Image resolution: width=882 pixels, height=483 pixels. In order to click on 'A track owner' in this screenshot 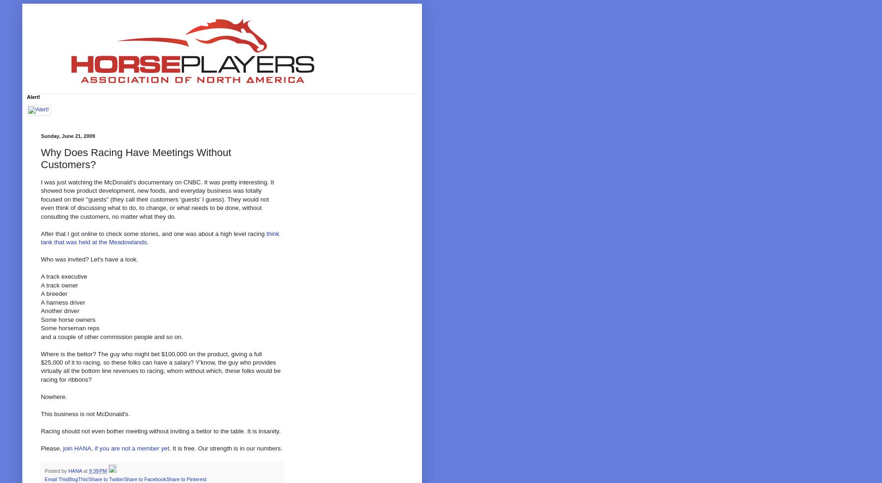, I will do `click(59, 284)`.